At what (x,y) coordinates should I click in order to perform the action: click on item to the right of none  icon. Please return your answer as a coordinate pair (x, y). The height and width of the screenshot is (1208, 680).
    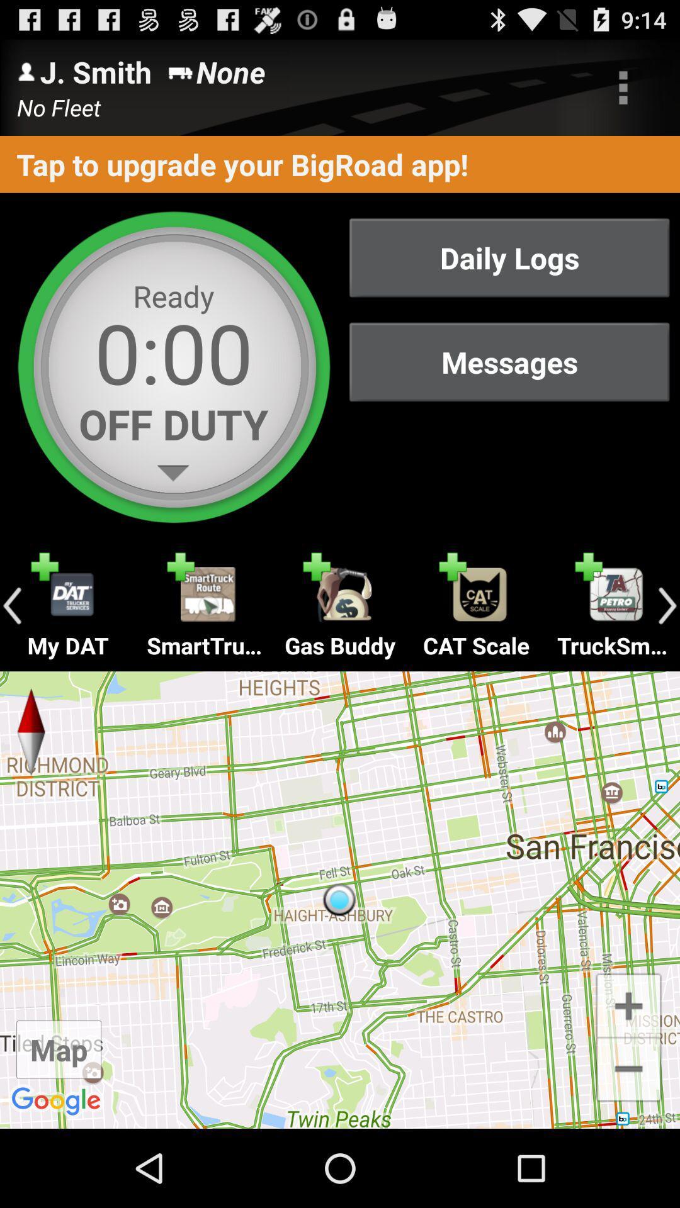
    Looking at the image, I should click on (623, 87).